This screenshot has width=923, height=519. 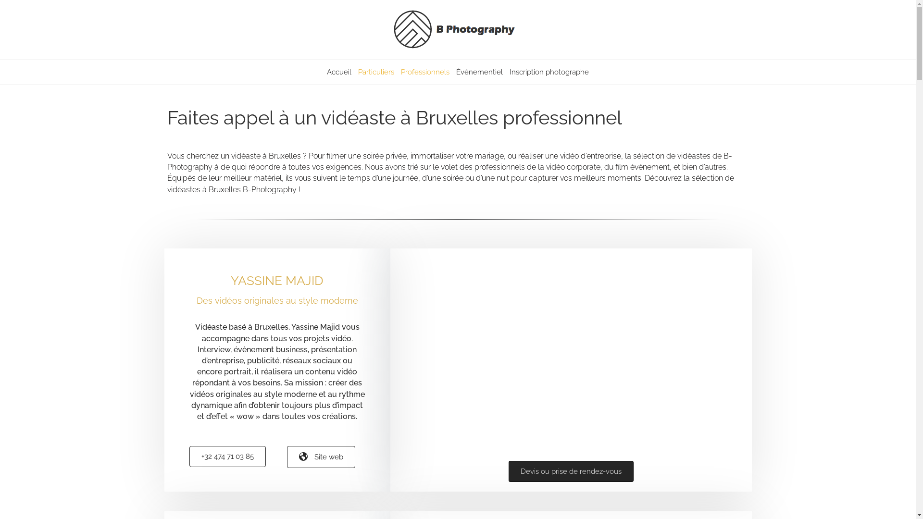 What do you see at coordinates (375, 72) in the screenshot?
I see `'Particuliers'` at bounding box center [375, 72].